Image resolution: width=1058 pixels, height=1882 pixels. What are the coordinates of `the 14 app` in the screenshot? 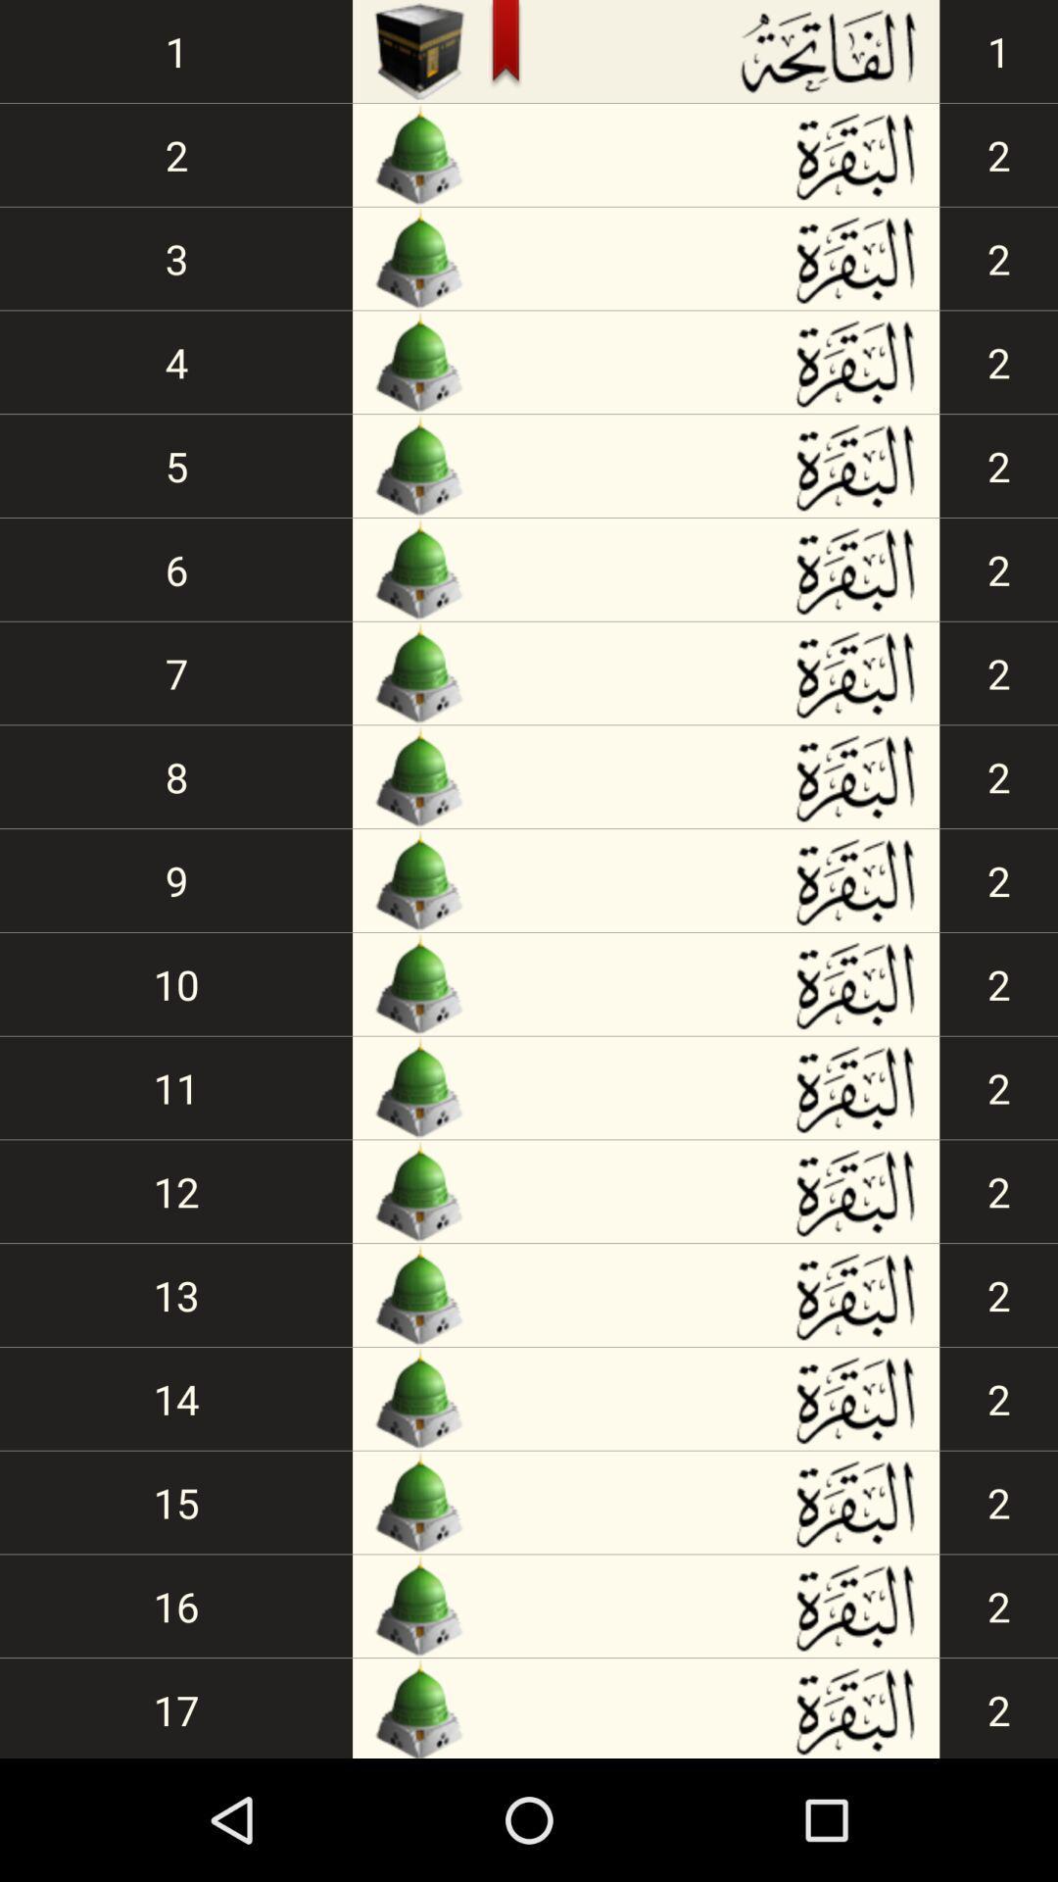 It's located at (176, 1398).